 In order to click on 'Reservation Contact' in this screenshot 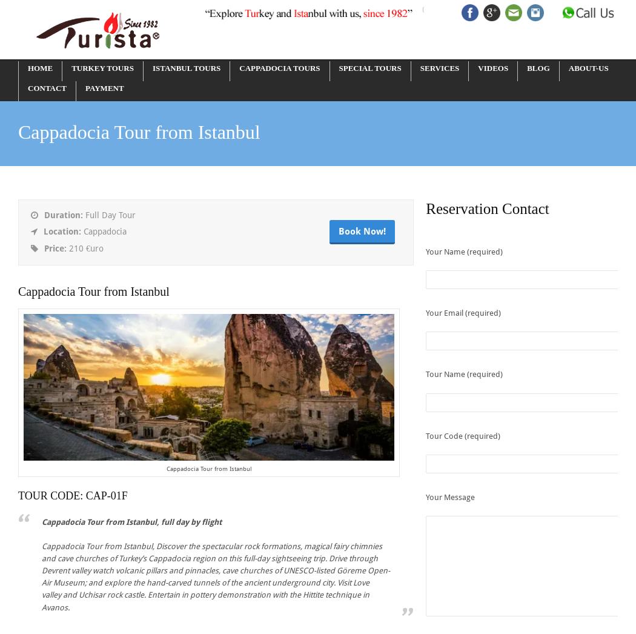, I will do `click(486, 207)`.